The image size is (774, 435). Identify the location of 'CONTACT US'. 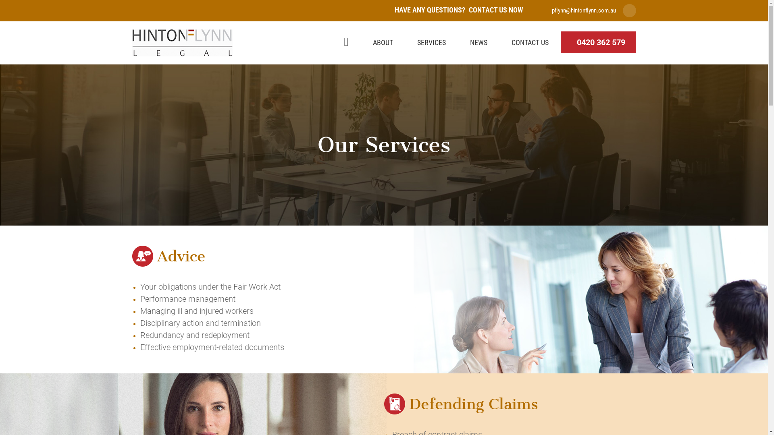
(530, 42).